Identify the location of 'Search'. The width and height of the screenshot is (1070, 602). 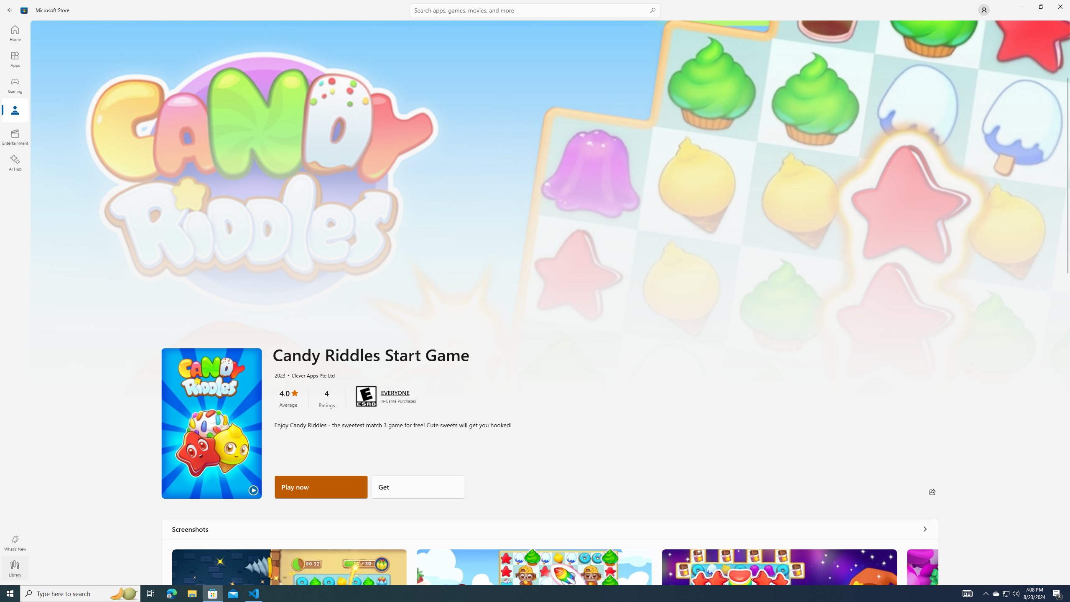
(535, 10).